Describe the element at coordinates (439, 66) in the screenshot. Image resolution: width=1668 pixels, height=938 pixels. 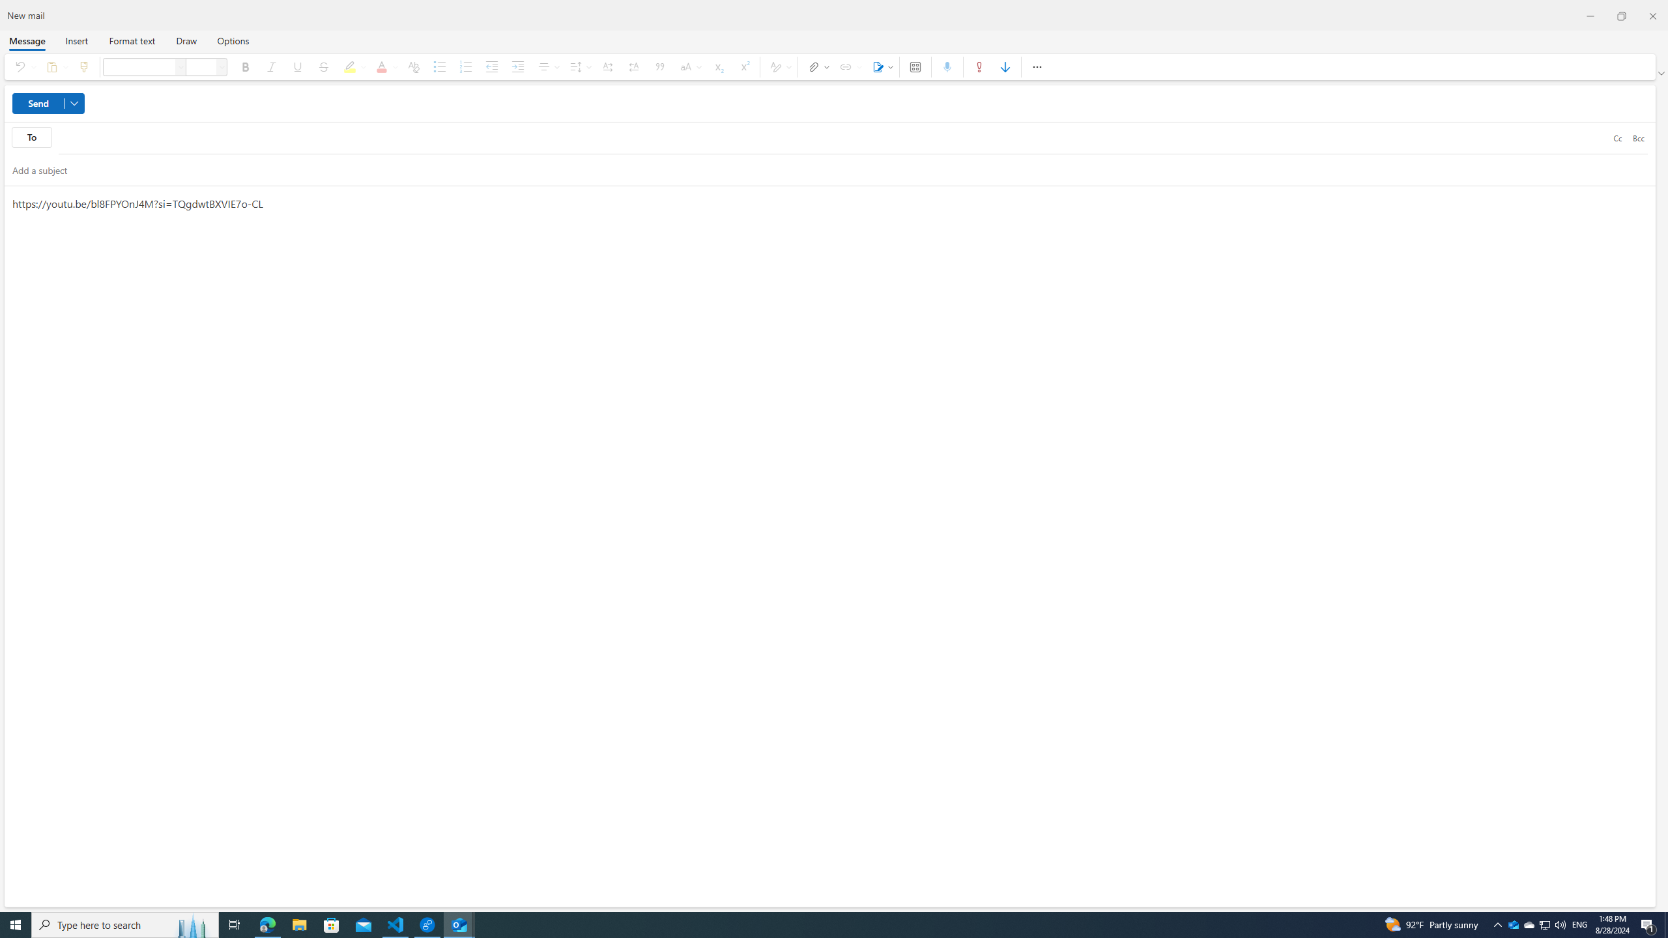
I see `'Bullets'` at that location.